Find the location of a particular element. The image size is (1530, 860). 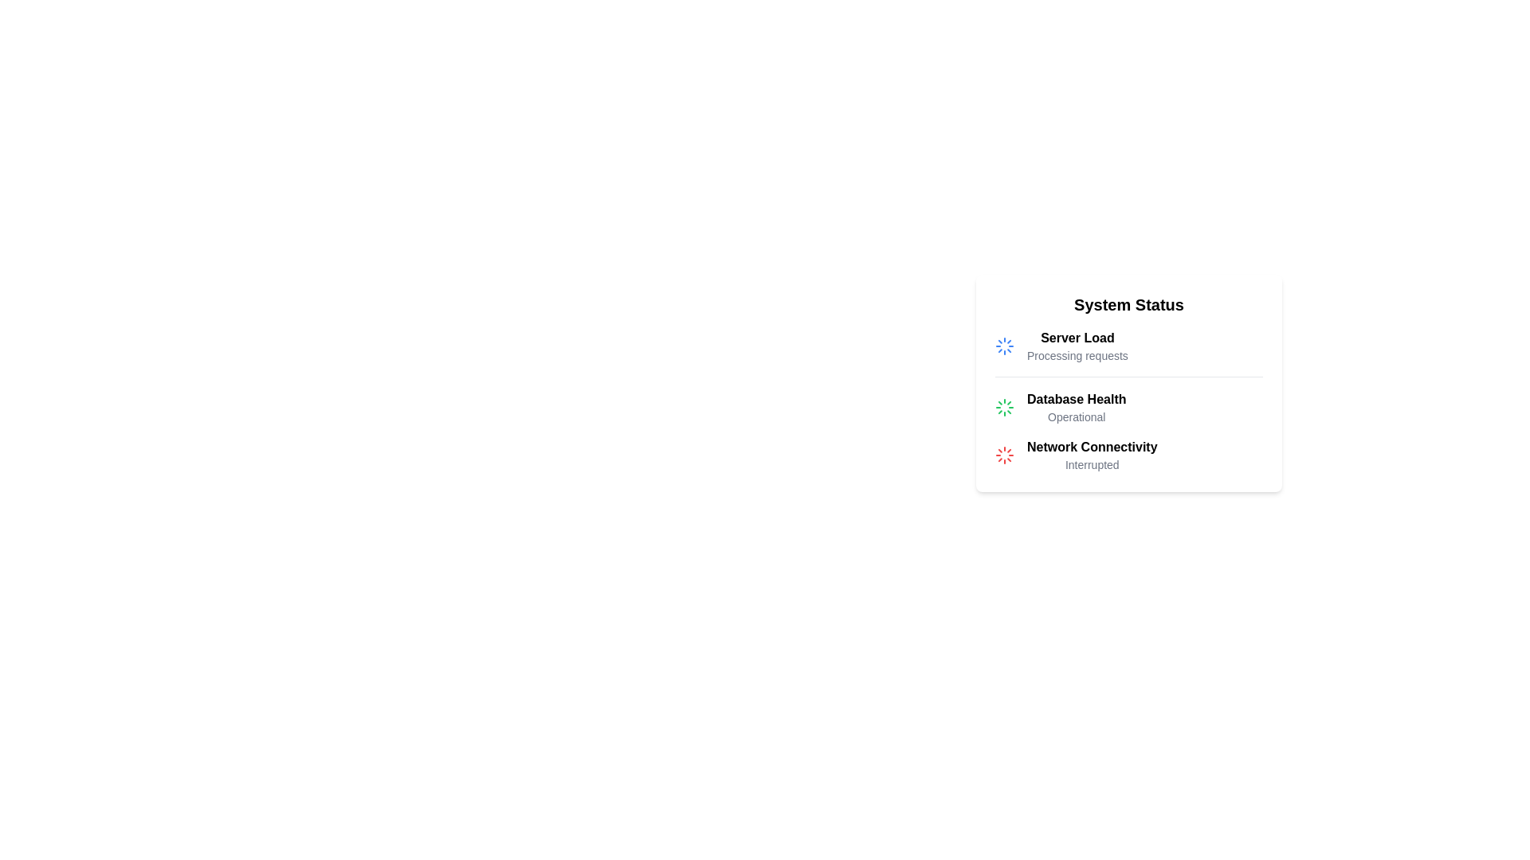

status of the 'Network Connectivity' display which shows 'Interrupted' with a spinning loader icon on the left is located at coordinates (1128, 455).